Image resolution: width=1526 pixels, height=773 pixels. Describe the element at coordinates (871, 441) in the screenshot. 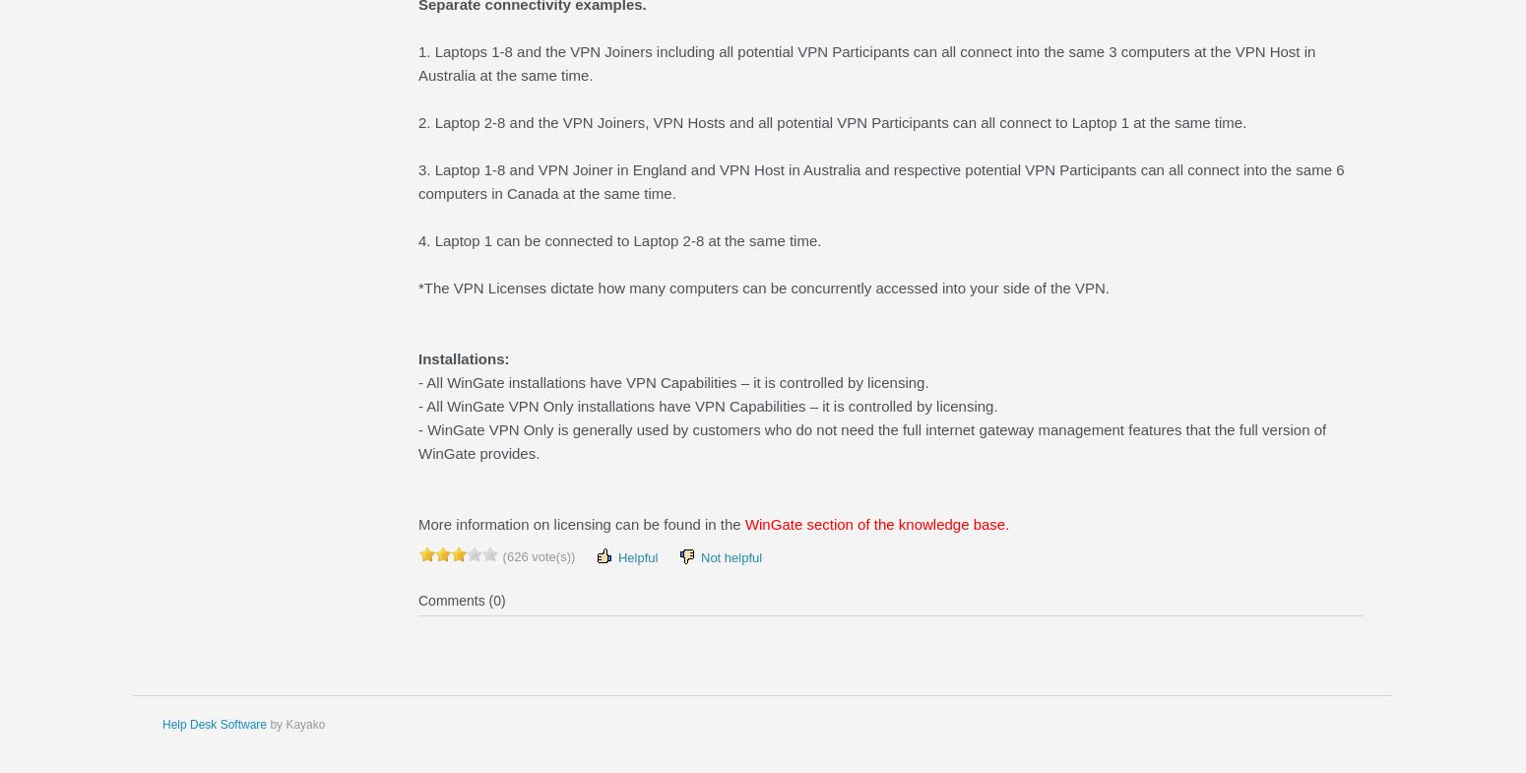

I see `'- WinGate VPN Only is generally used by customers who do not need the full internet gateway management features that the full version of WinGate provides.'` at that location.